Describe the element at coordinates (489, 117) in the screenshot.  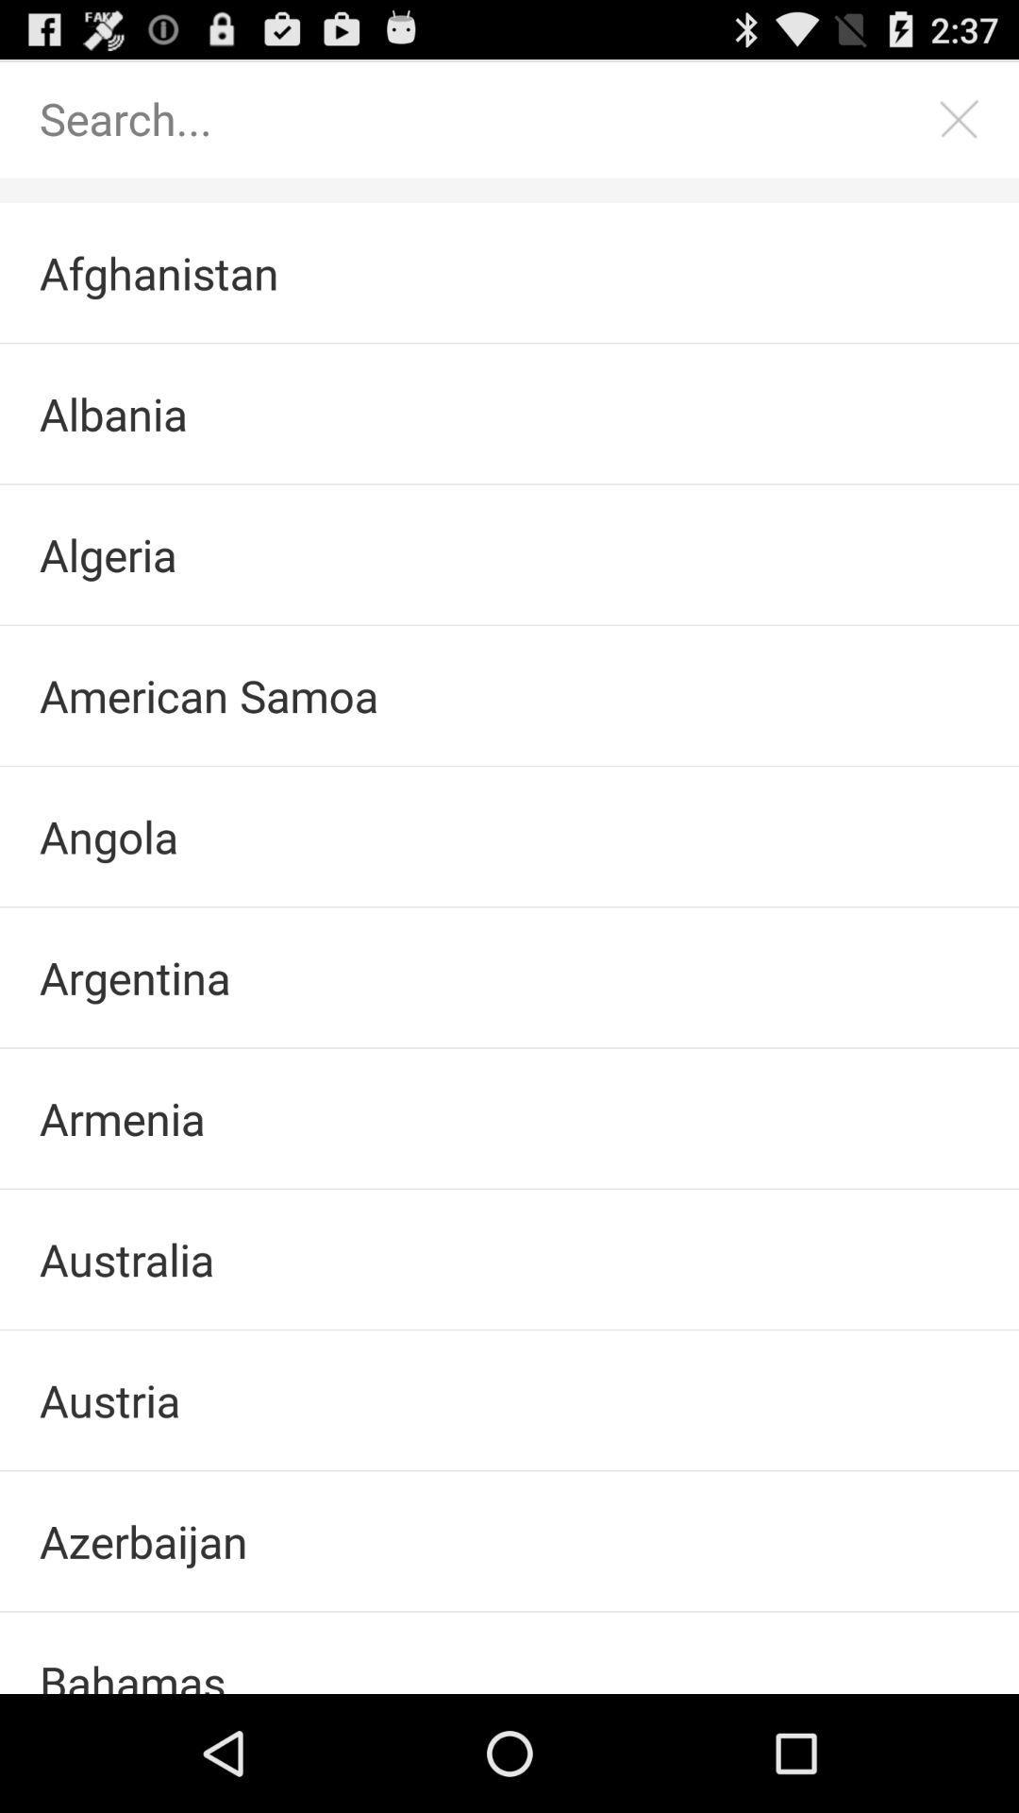
I see `search this list` at that location.